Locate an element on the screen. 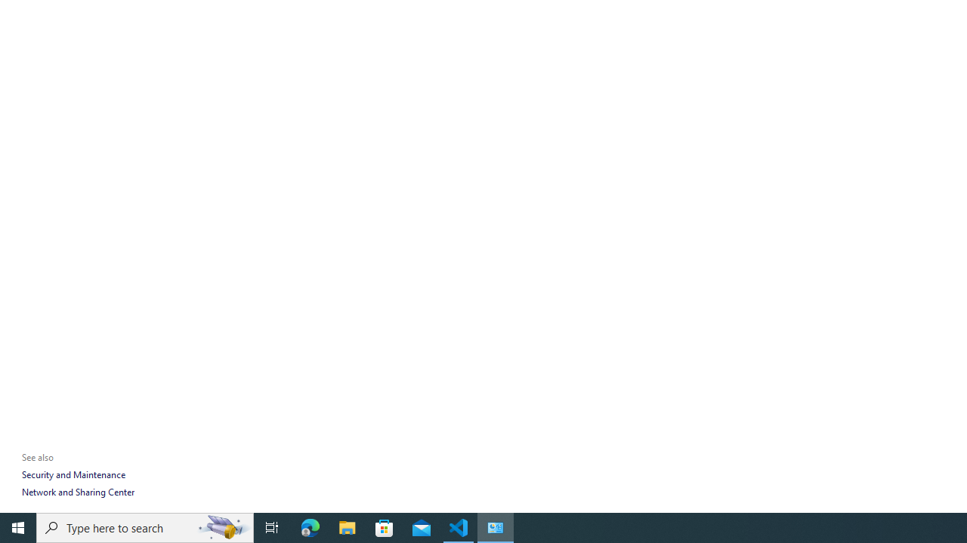 The height and width of the screenshot is (543, 967). 'Microsoft Edge' is located at coordinates (310, 526).